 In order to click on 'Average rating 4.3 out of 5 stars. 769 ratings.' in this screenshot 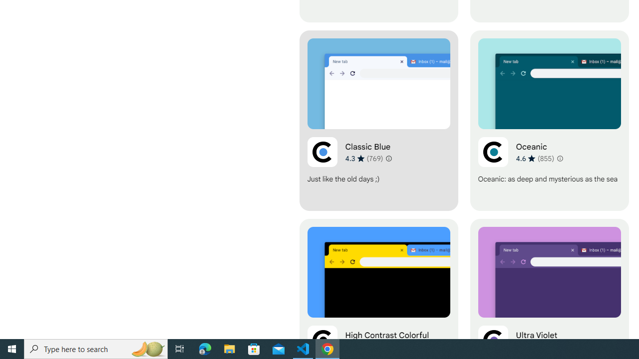, I will do `click(363, 158)`.